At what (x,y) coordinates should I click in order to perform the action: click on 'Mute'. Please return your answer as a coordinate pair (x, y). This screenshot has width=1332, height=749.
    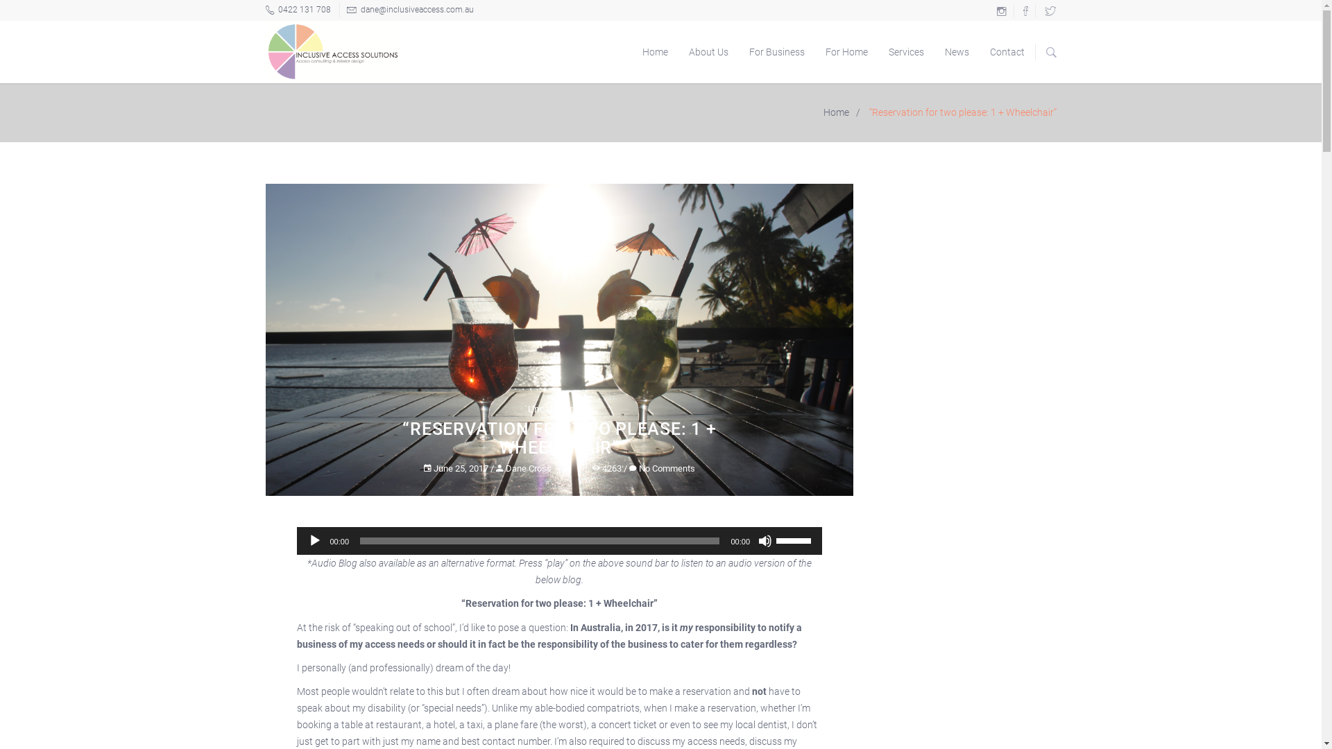
    Looking at the image, I should click on (765, 540).